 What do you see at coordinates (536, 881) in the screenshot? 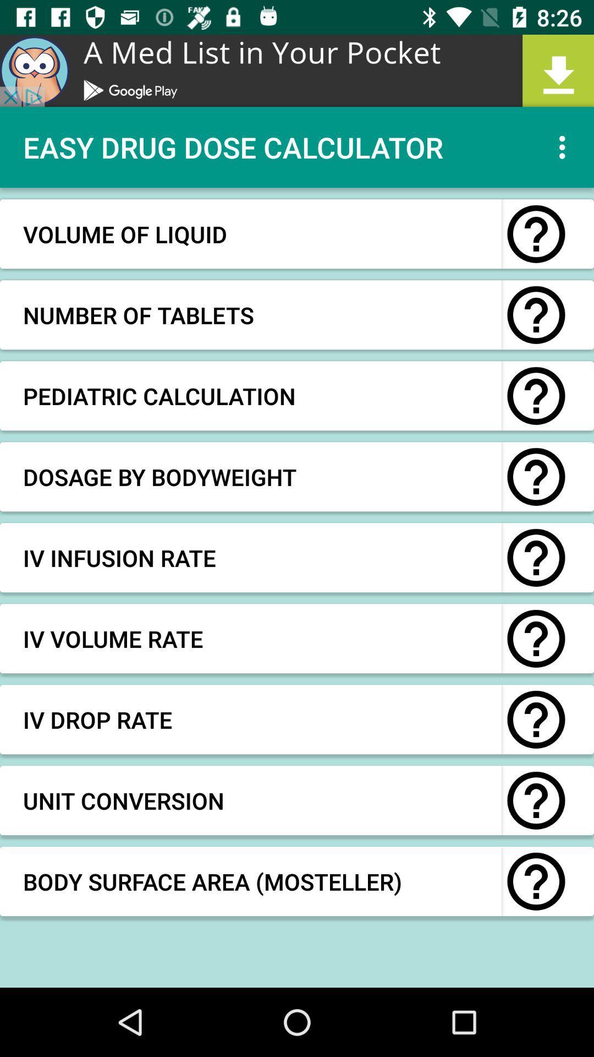
I see `help` at bounding box center [536, 881].